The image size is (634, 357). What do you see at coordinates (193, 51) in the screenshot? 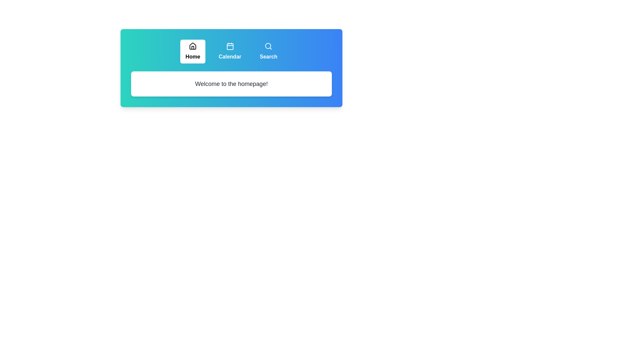
I see `the Home tab to display its content` at bounding box center [193, 51].